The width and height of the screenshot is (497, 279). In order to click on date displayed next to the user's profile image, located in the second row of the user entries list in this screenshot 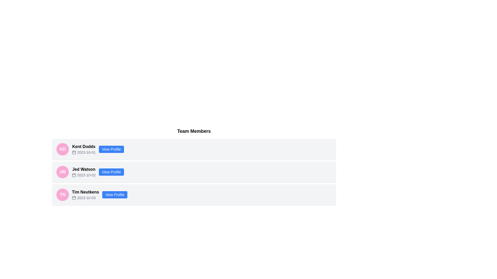, I will do `click(84, 175)`.